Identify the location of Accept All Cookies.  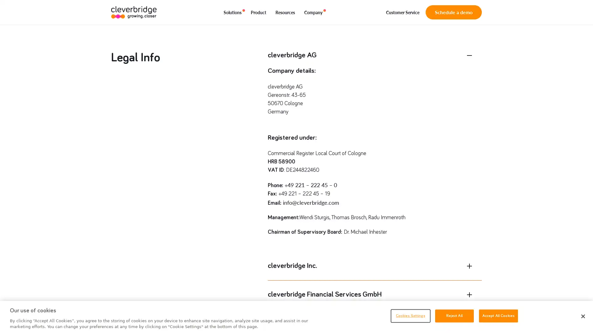
(498, 315).